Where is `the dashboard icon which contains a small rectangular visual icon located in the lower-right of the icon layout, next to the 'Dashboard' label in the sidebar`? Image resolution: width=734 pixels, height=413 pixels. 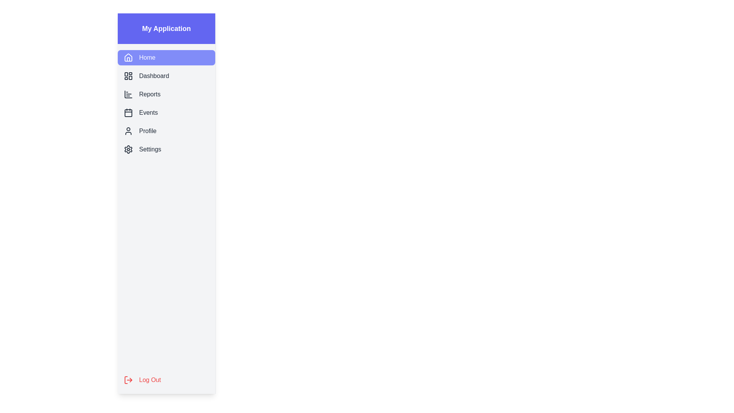
the dashboard icon which contains a small rectangular visual icon located in the lower-right of the icon layout, next to the 'Dashboard' label in the sidebar is located at coordinates (130, 78).